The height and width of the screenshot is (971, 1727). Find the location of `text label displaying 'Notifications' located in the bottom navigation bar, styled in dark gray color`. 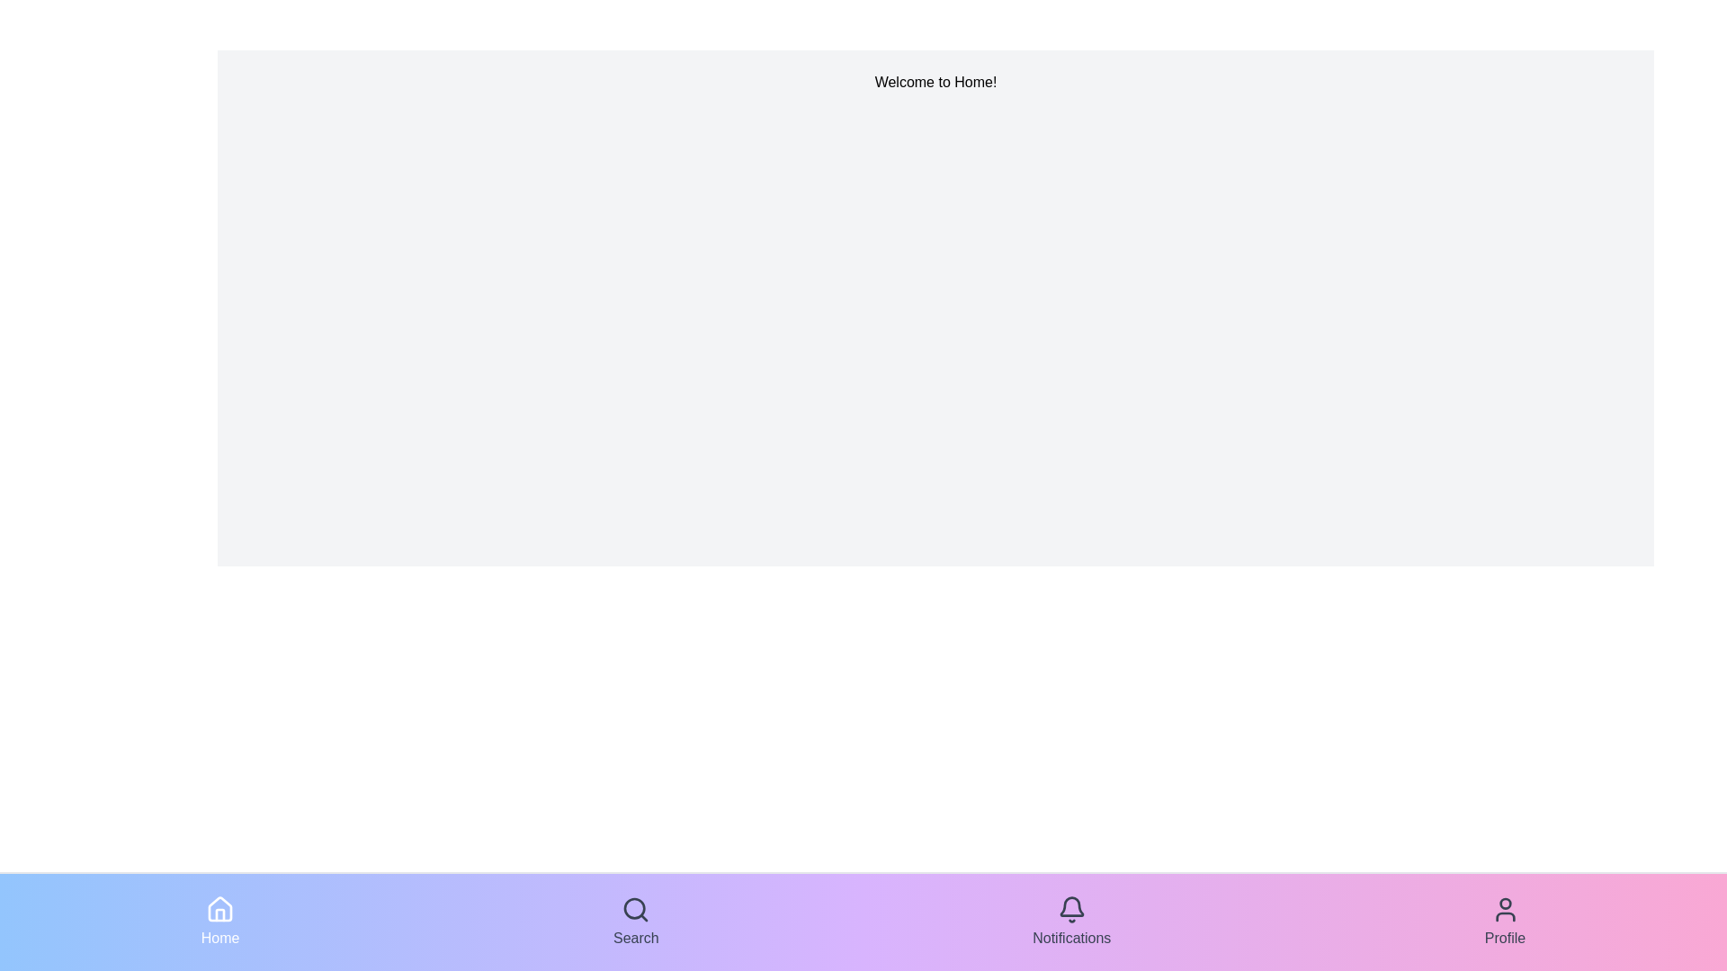

text label displaying 'Notifications' located in the bottom navigation bar, styled in dark gray color is located at coordinates (1071, 938).